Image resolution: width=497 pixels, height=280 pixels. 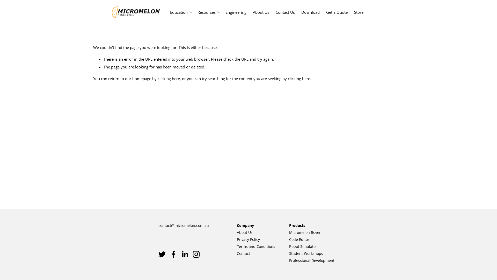 What do you see at coordinates (243, 253) in the screenshot?
I see `'Contact'` at bounding box center [243, 253].